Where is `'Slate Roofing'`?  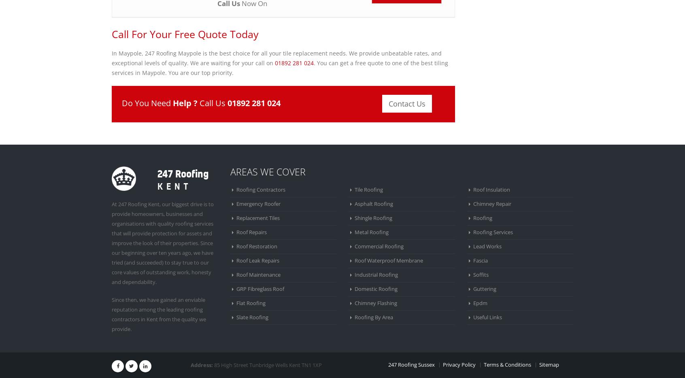
'Slate Roofing' is located at coordinates (251, 317).